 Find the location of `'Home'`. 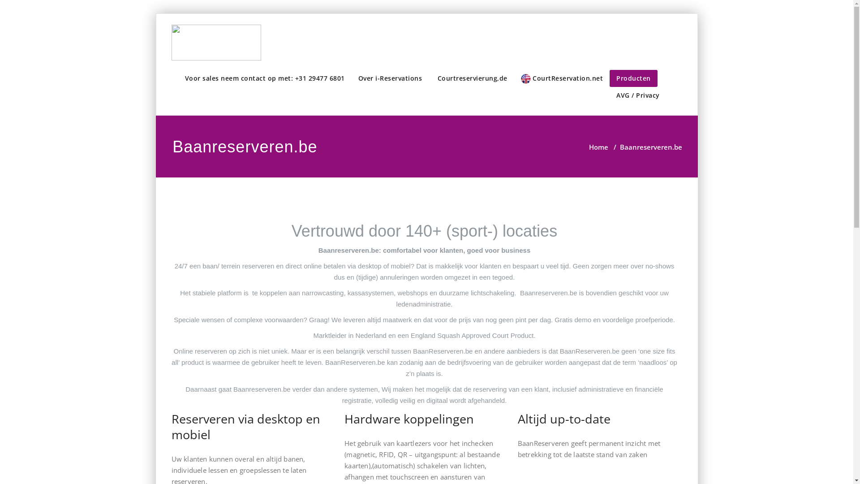

'Home' is located at coordinates (598, 146).